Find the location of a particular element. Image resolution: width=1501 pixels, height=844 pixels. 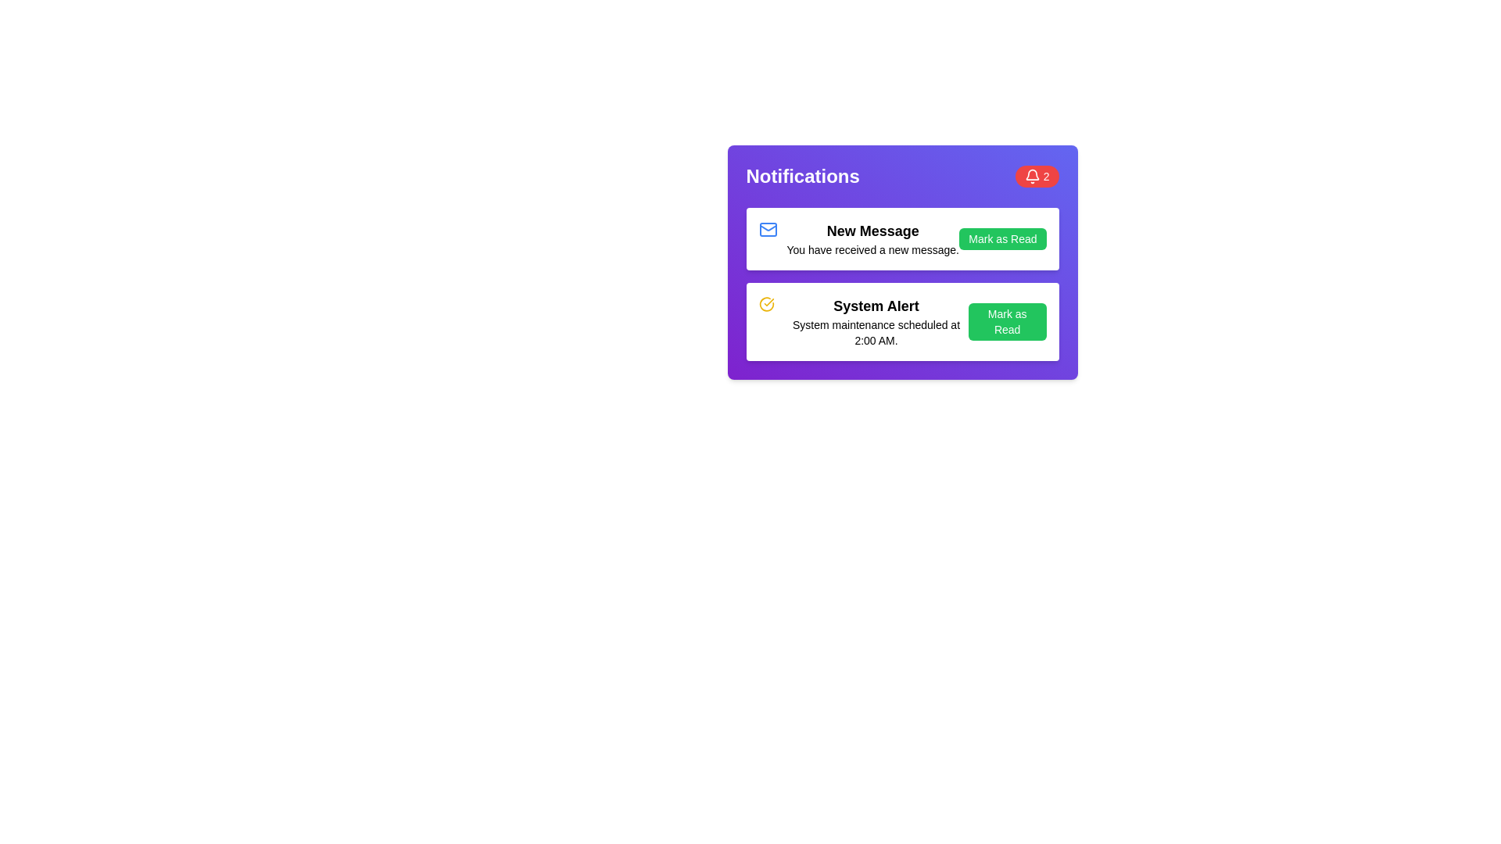

the 'New Message' notification summary element, which displays a bold heading and a message indicating a new message has been received is located at coordinates (858, 238).